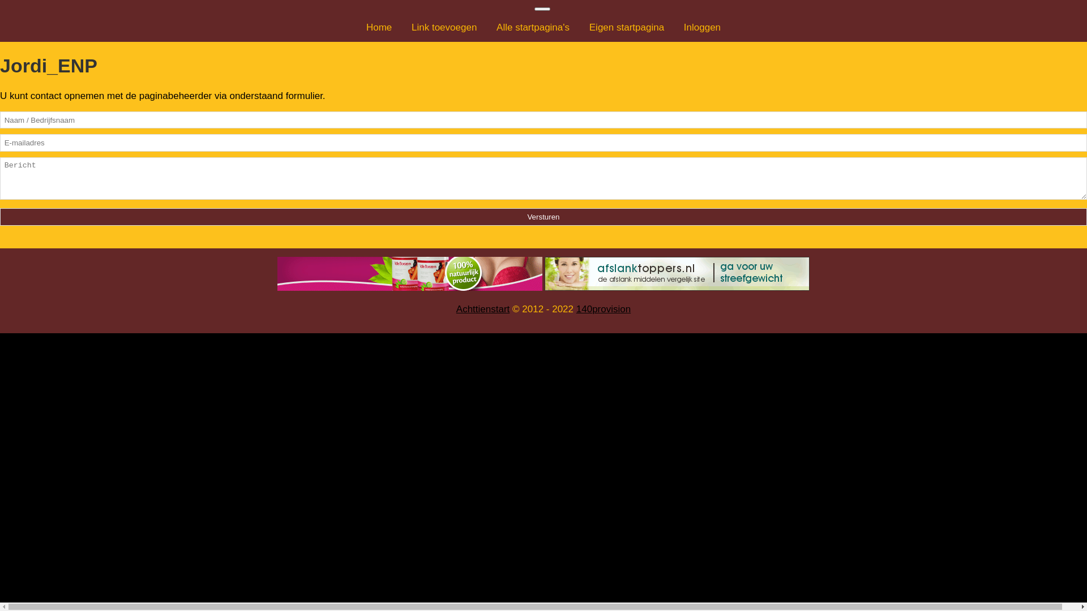 This screenshot has width=1087, height=611. Describe the element at coordinates (488, 27) in the screenshot. I see `'Alle startpagina's'` at that location.